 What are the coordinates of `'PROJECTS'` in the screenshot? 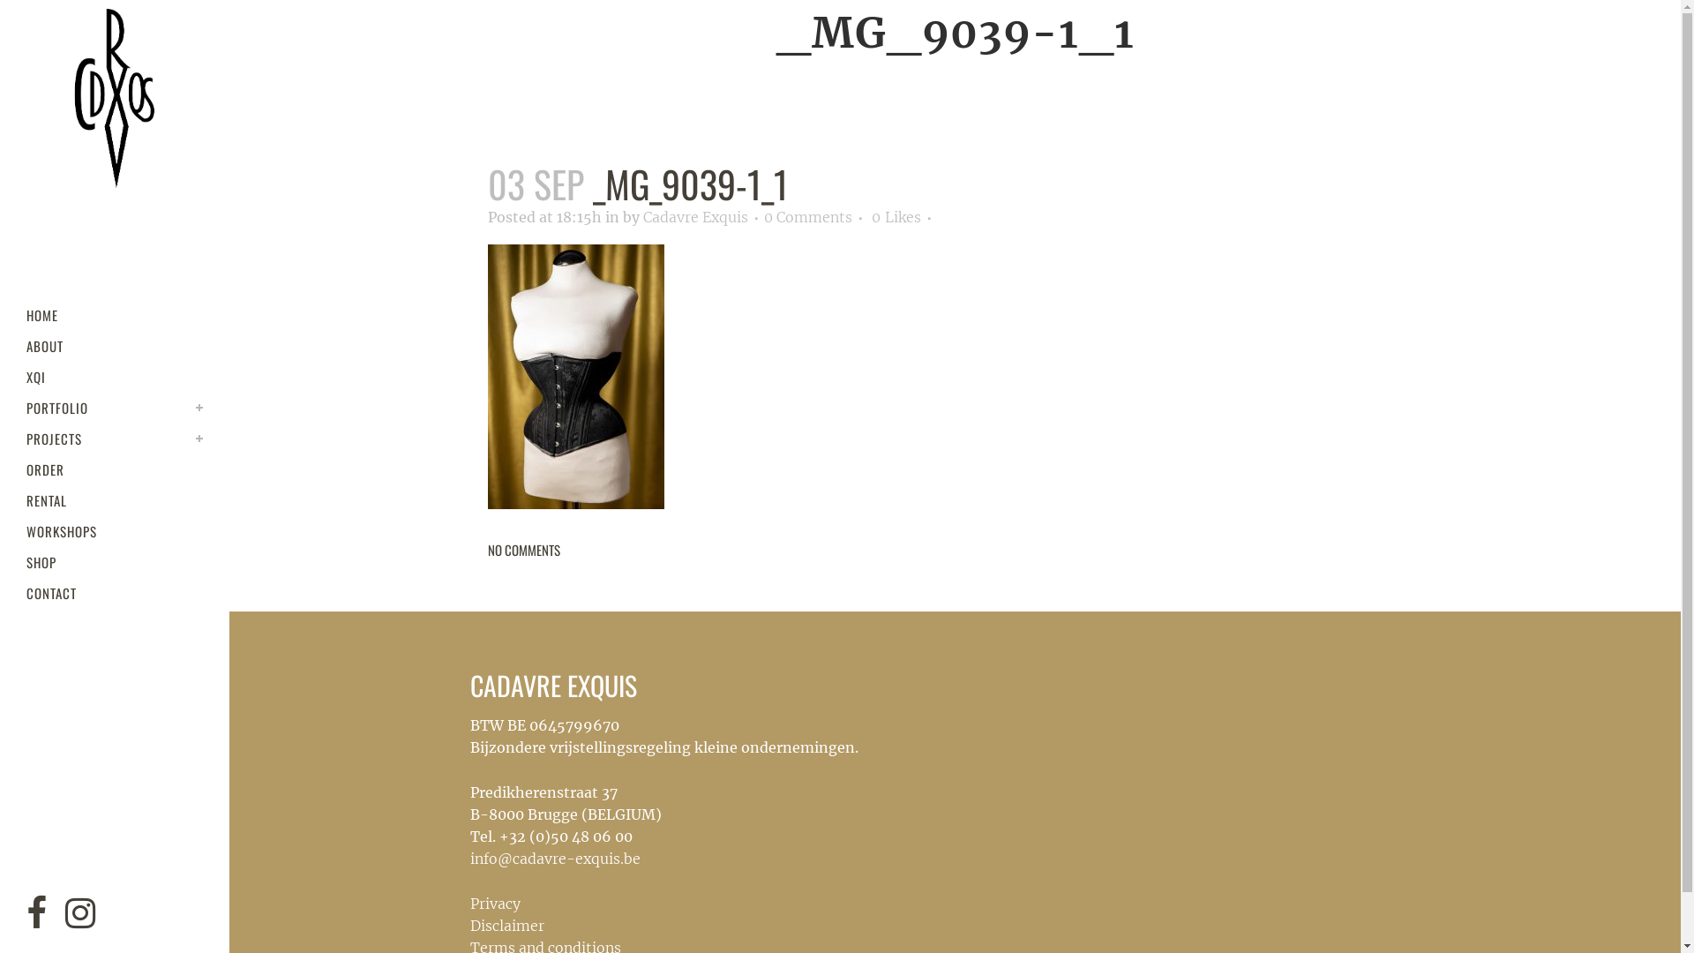 It's located at (113, 438).